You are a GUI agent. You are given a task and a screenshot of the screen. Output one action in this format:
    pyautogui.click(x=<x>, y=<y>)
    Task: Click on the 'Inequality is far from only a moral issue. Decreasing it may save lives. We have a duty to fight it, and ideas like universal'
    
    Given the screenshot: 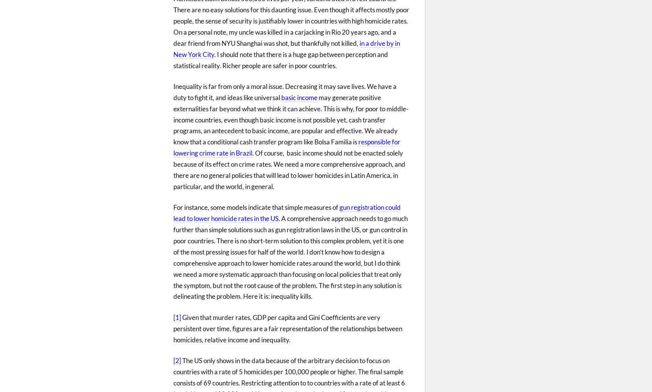 What is the action you would take?
    pyautogui.click(x=284, y=91)
    